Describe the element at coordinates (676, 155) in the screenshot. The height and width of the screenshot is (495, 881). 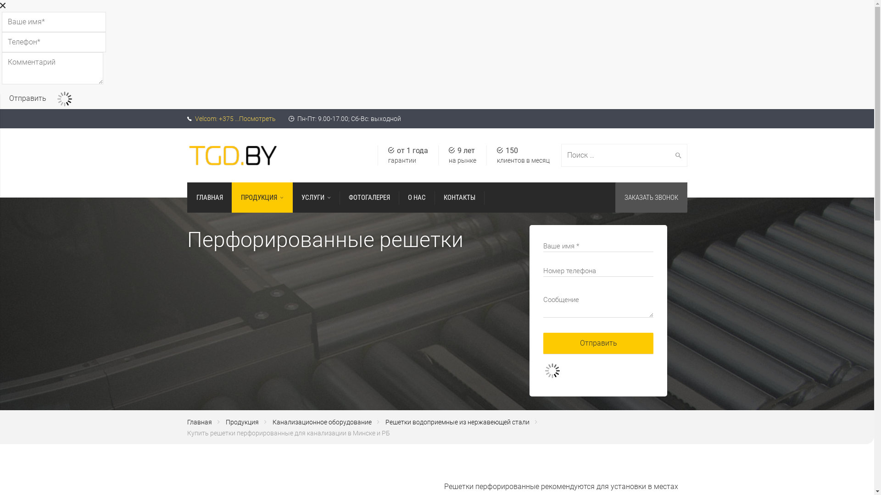
I see `'Search'` at that location.